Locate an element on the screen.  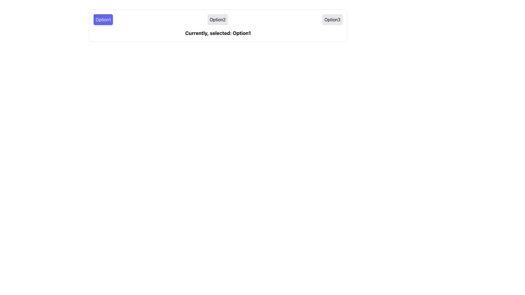
the 'Option3' button, which is the third item in a horizontal group of options labeled 'Option1', 'Option2', and 'Option3', located to the far right of the group is located at coordinates (332, 19).